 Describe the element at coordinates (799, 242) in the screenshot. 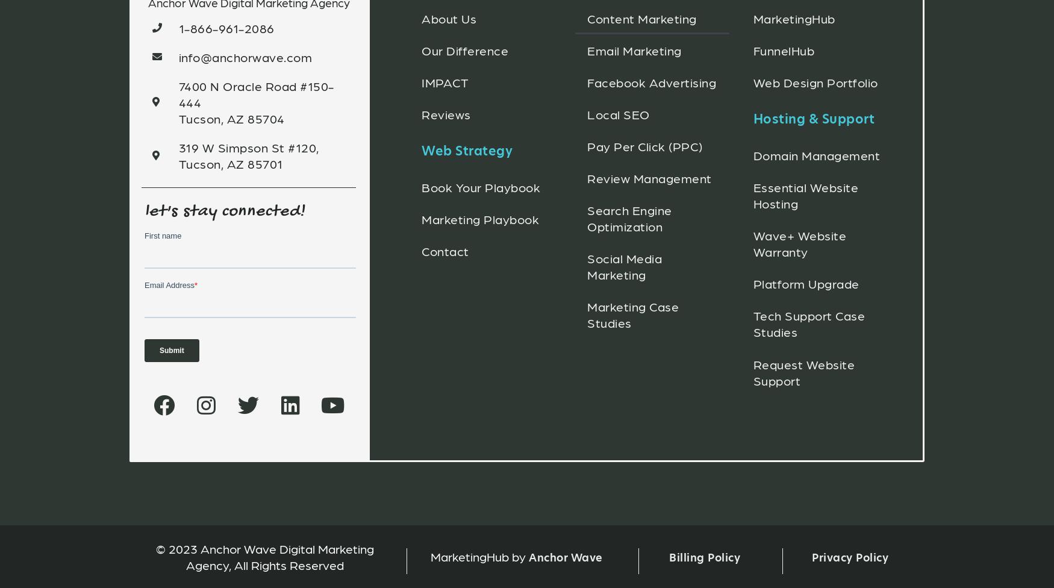

I see `'Wave+ Website Warranty'` at that location.